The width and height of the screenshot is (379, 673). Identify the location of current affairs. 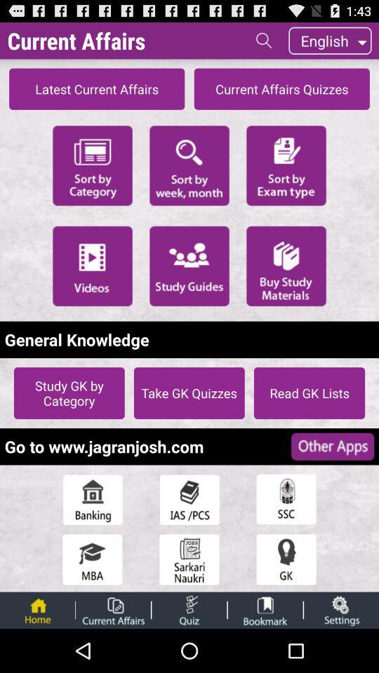
(112, 609).